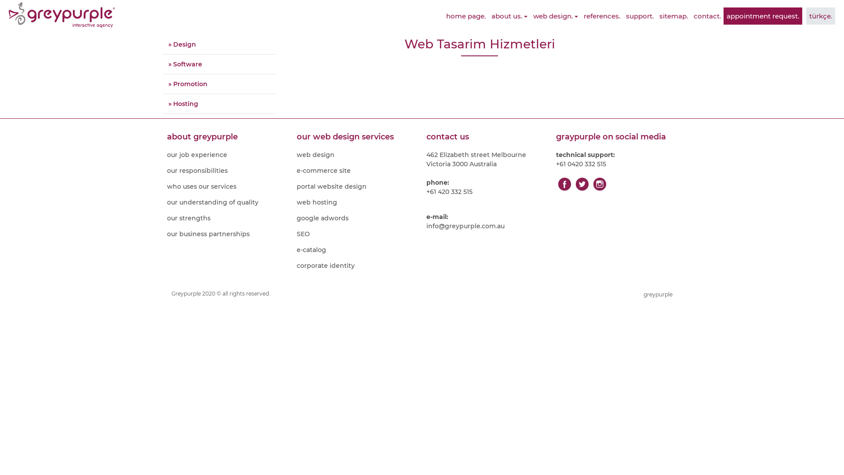 This screenshot has height=475, width=844. What do you see at coordinates (167, 186) in the screenshot?
I see `'who uses our services'` at bounding box center [167, 186].